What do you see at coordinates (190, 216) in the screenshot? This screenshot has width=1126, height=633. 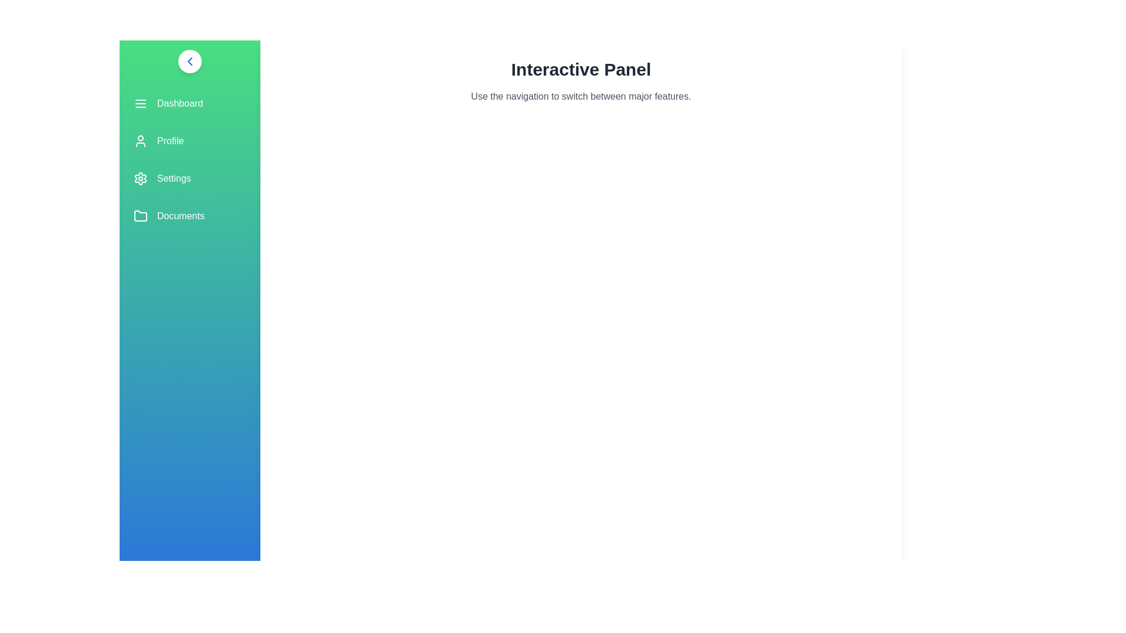 I see `the 'Documents' menu item in the navigation panel` at bounding box center [190, 216].